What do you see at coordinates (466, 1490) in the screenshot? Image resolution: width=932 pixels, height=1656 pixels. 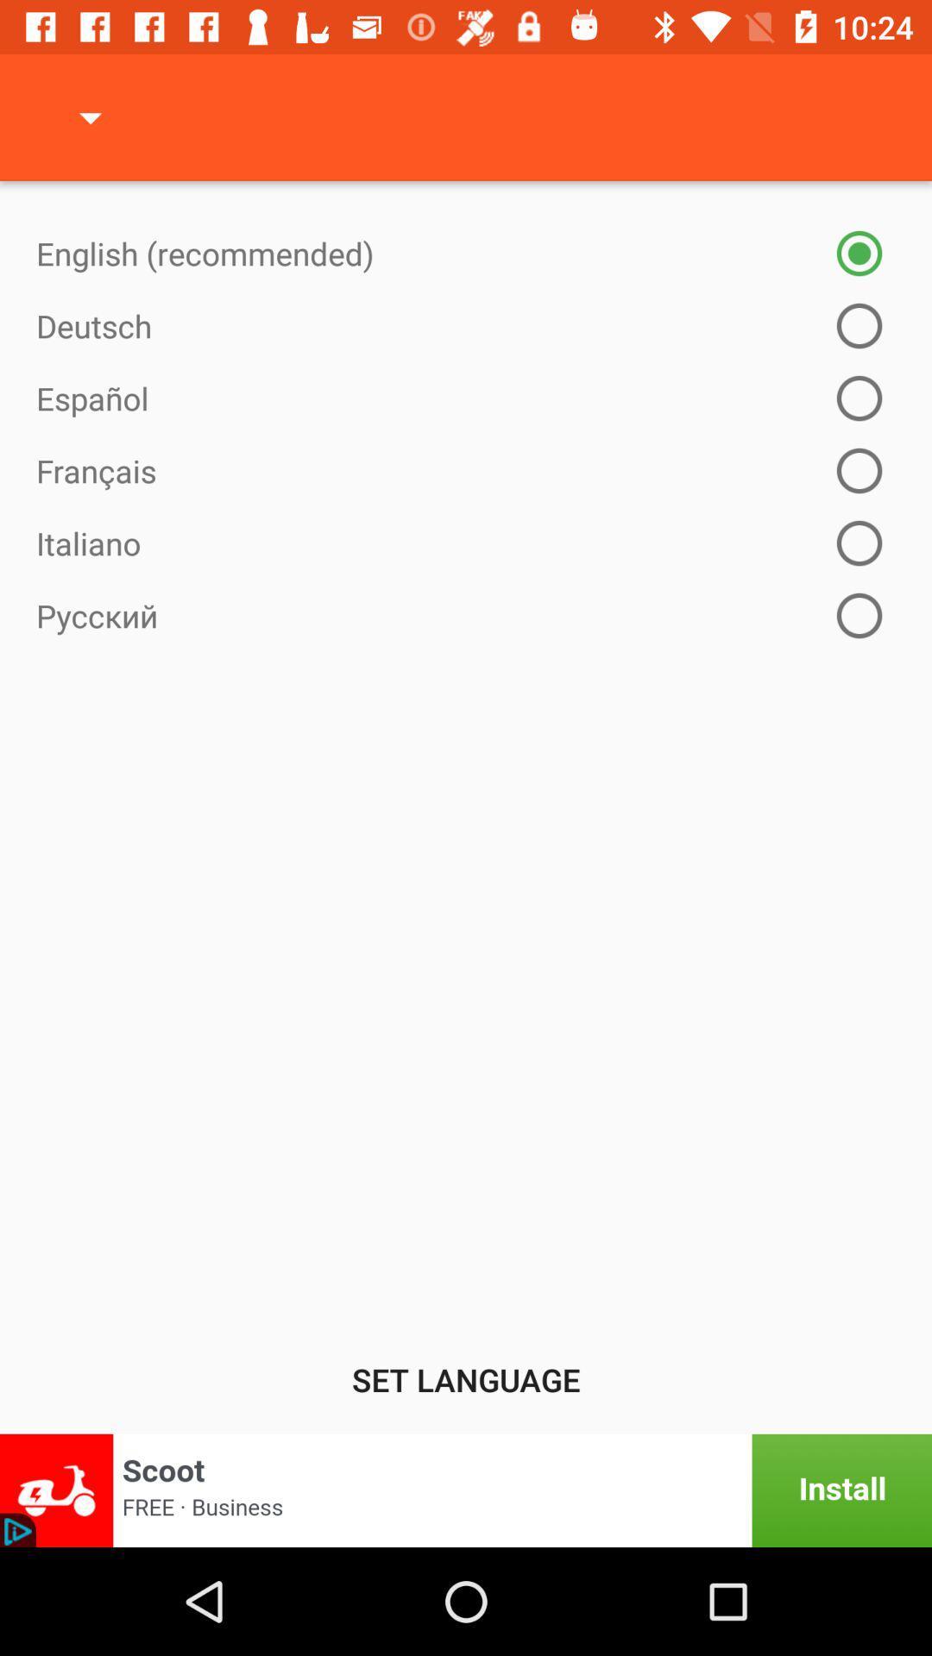 I see `install an app` at bounding box center [466, 1490].